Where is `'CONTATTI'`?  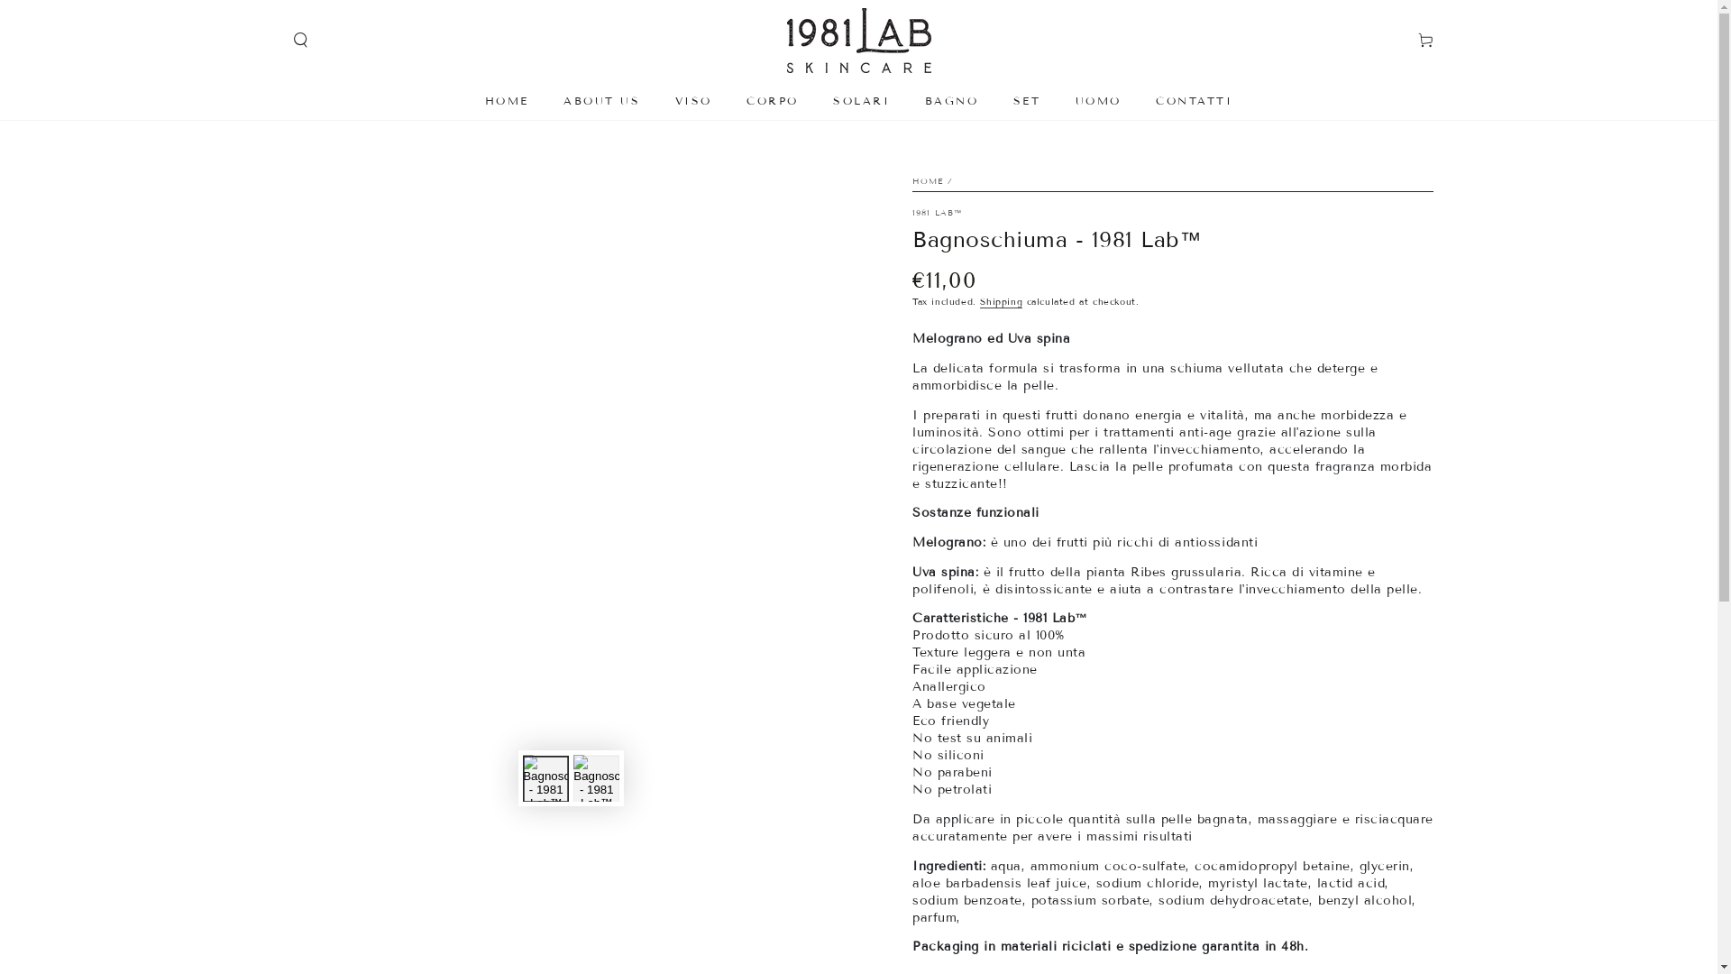
'CONTATTI' is located at coordinates (1194, 100).